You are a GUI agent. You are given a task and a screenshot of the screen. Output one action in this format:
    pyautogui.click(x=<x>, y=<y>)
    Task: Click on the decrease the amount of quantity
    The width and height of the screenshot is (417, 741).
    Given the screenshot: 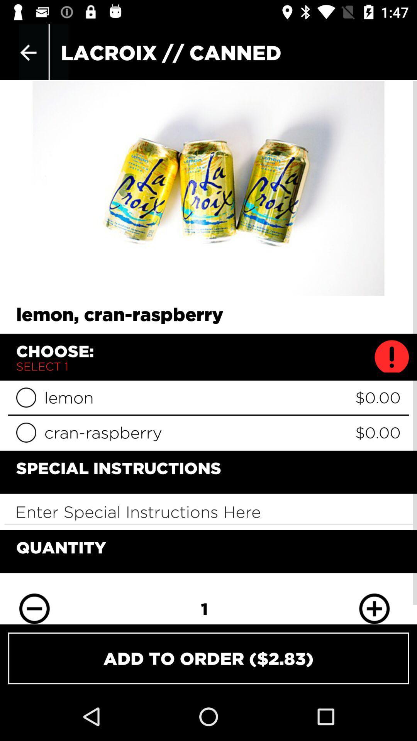 What is the action you would take?
    pyautogui.click(x=34, y=603)
    